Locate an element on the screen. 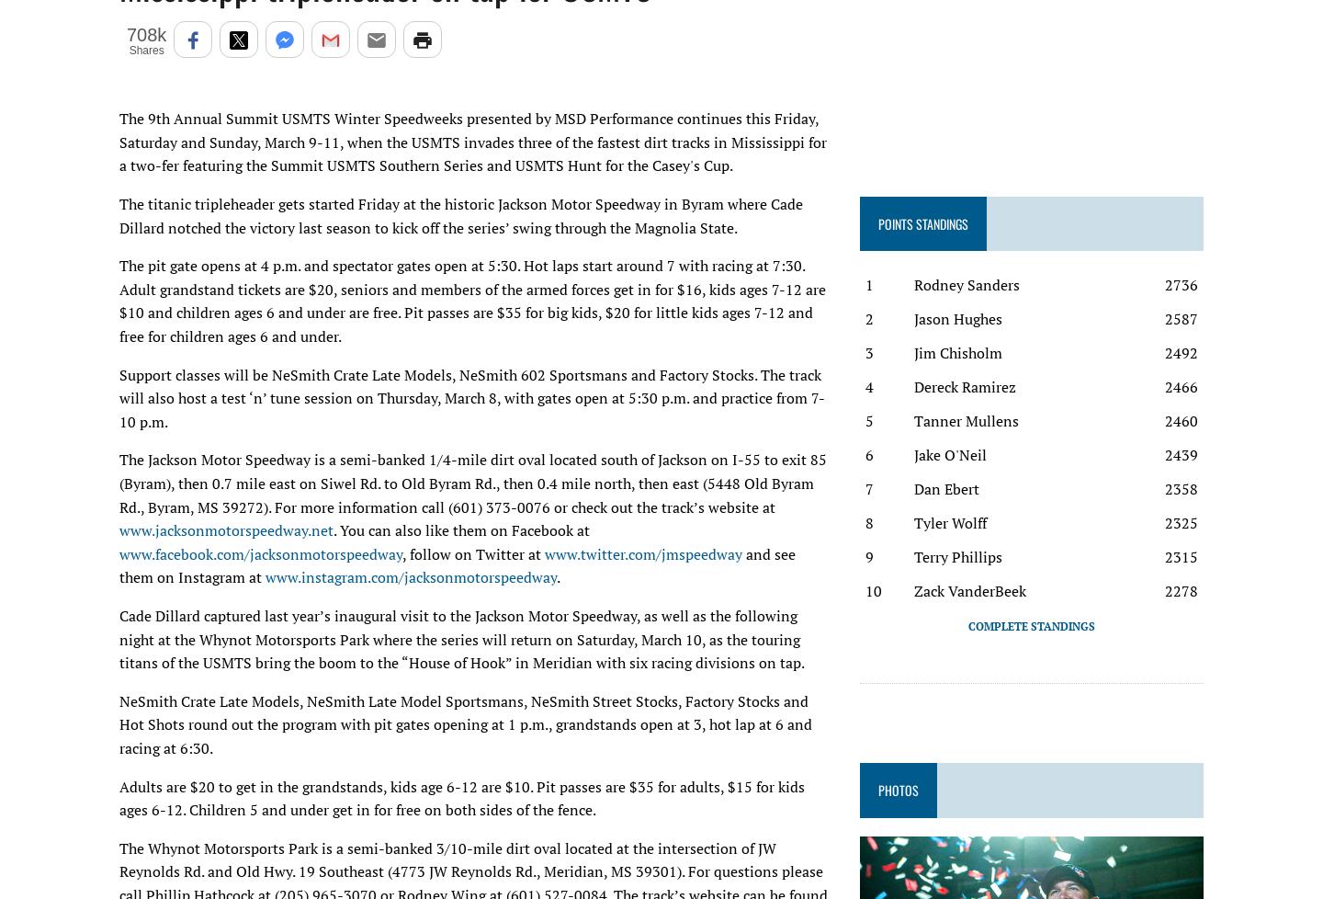 This screenshot has width=1323, height=899. '7' is located at coordinates (869, 489).